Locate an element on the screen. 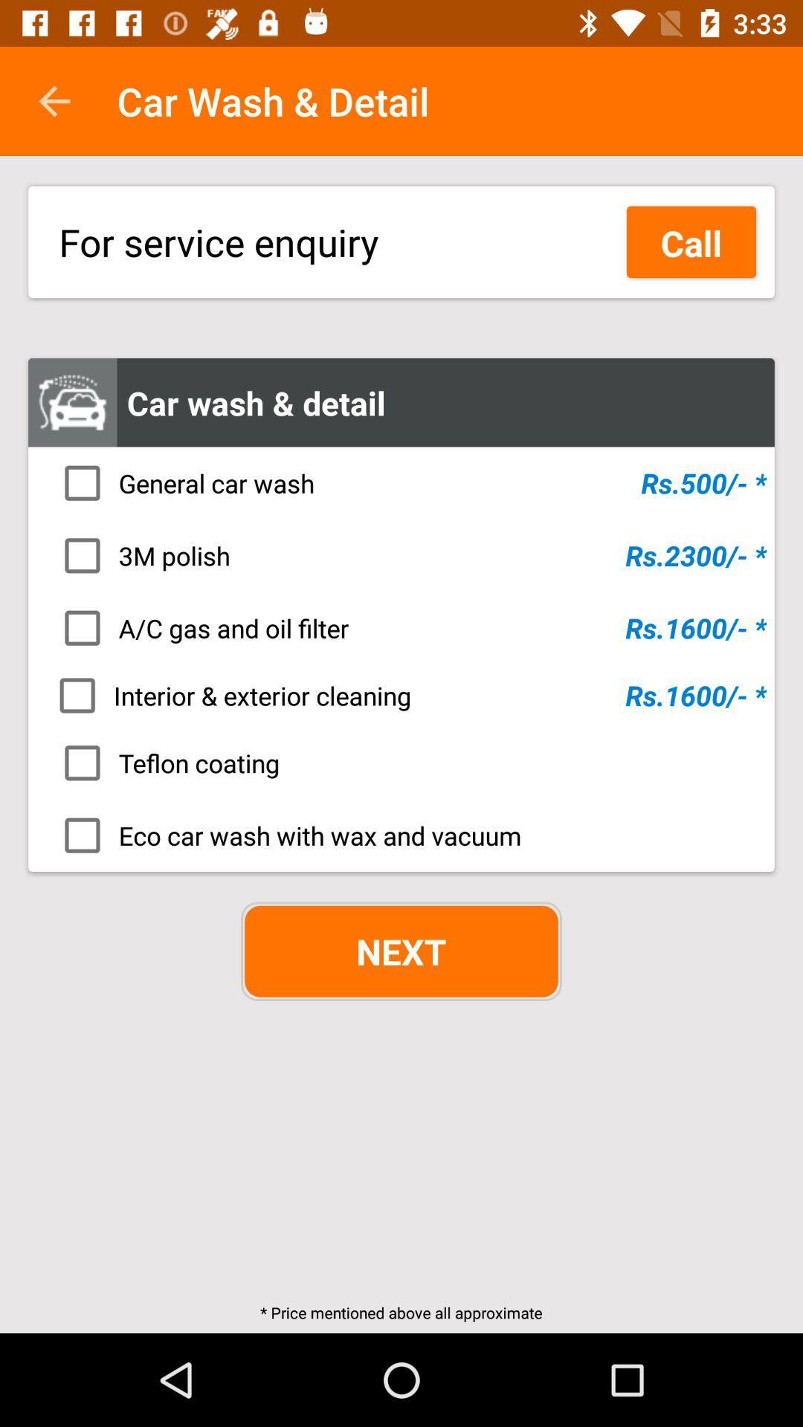  the icon to the right of the for service enquiry icon is located at coordinates (691, 242).